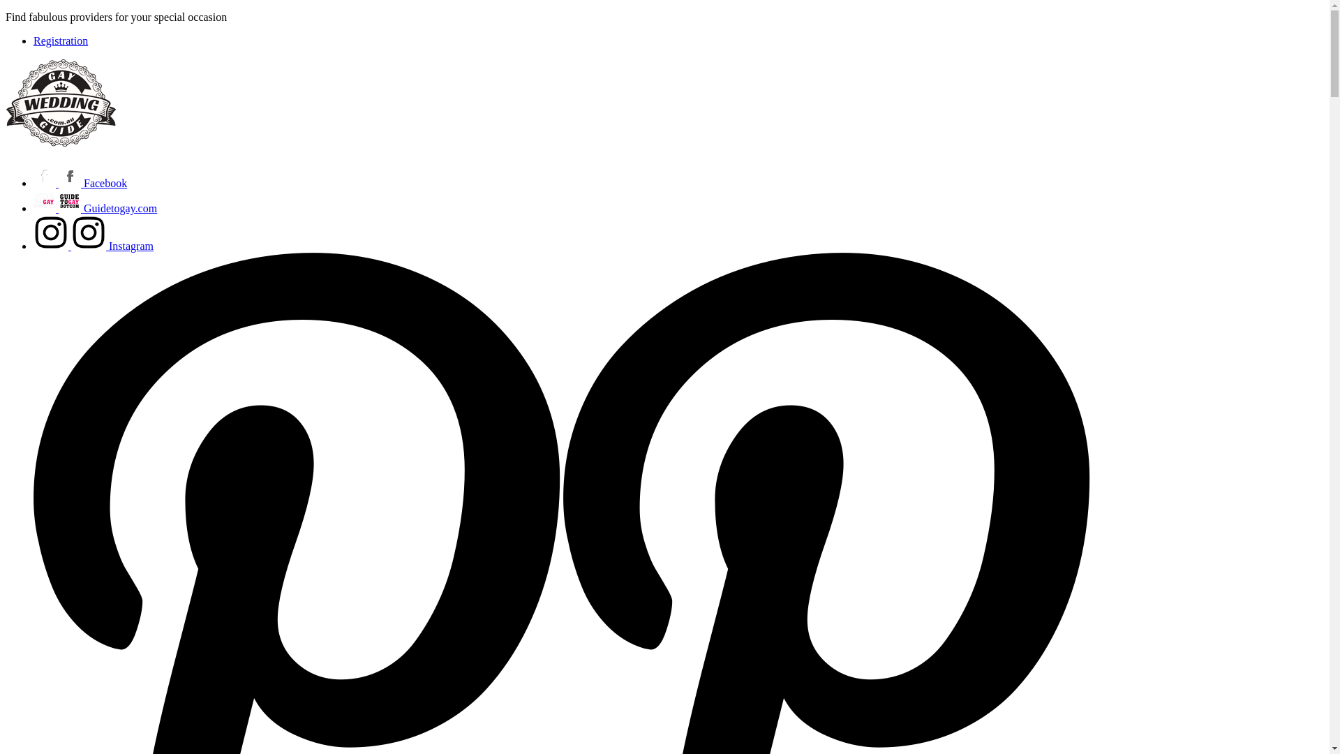 Image resolution: width=1340 pixels, height=754 pixels. I want to click on 'Facebook', so click(80, 182).